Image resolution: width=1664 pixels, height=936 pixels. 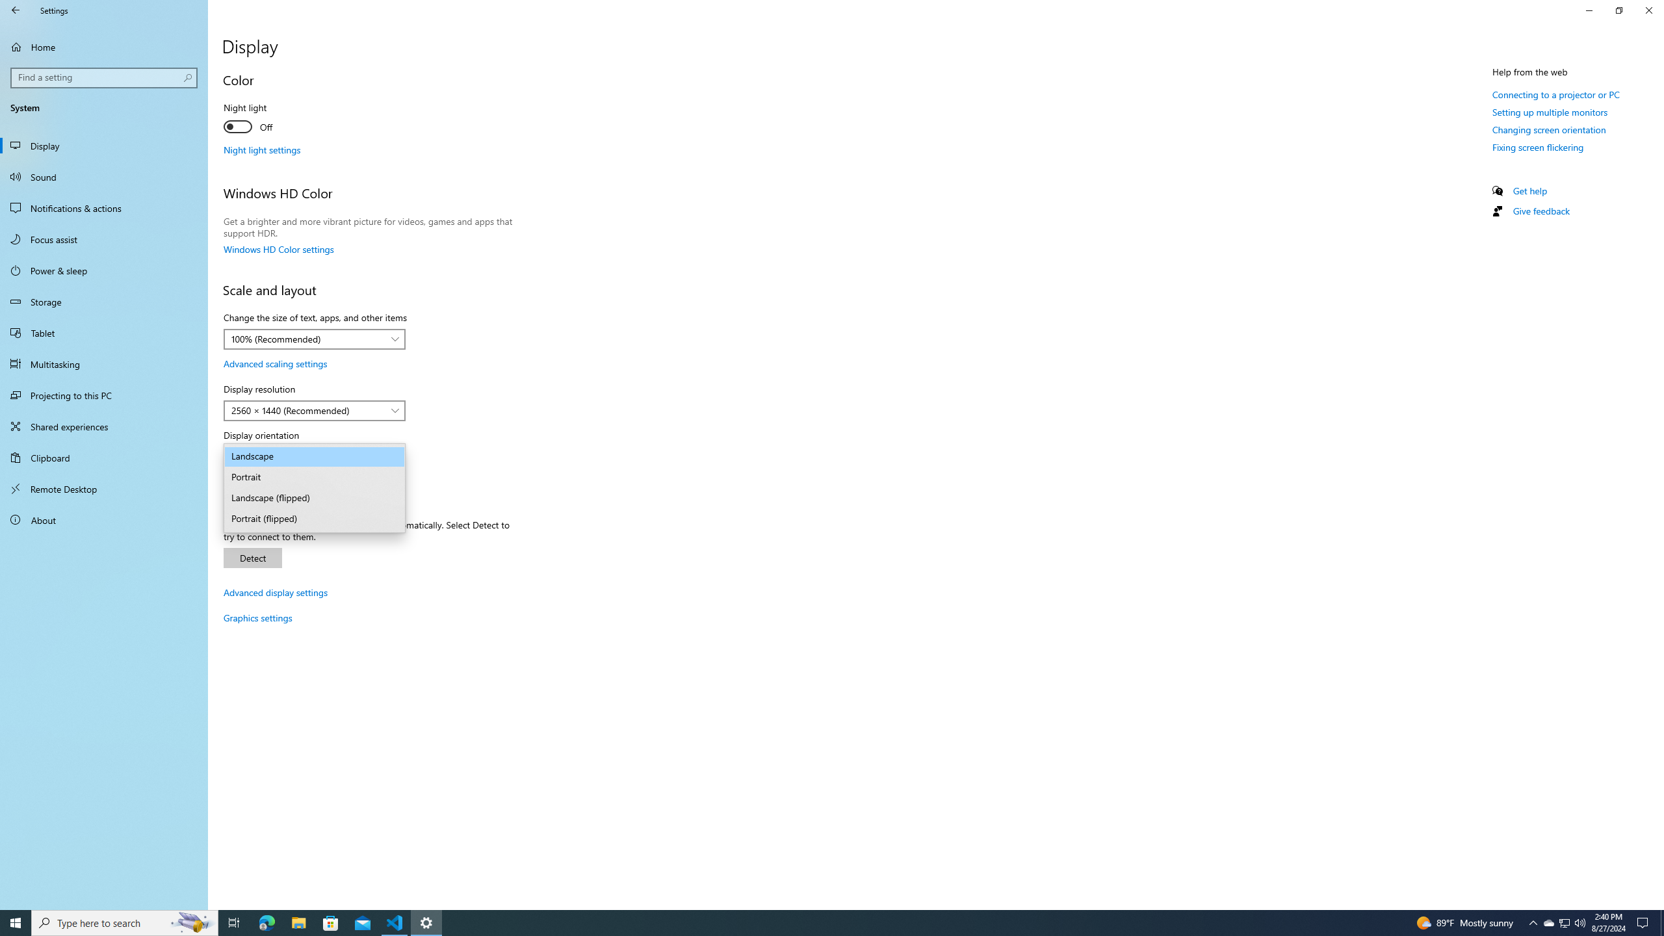 What do you see at coordinates (191, 922) in the screenshot?
I see `'Search highlights icon opens search home window'` at bounding box center [191, 922].